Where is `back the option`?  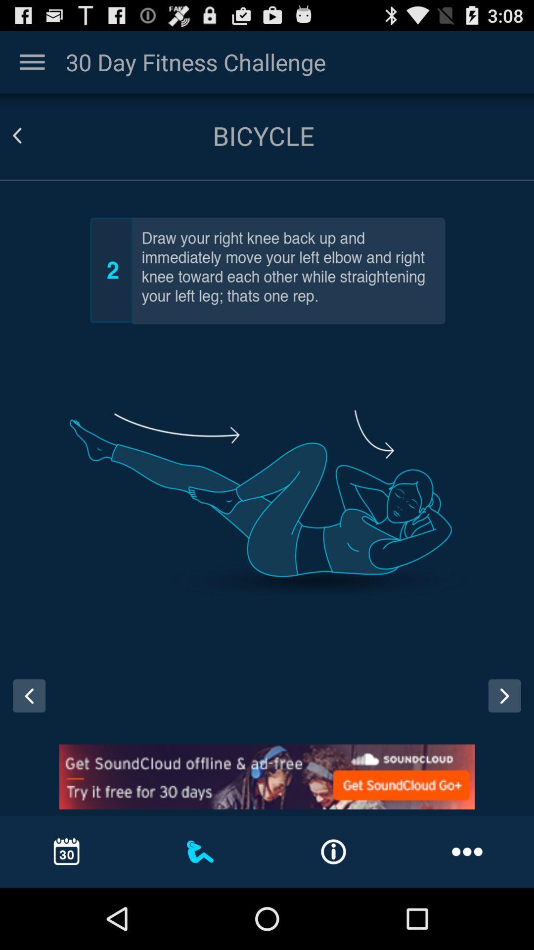
back the option is located at coordinates (29, 135).